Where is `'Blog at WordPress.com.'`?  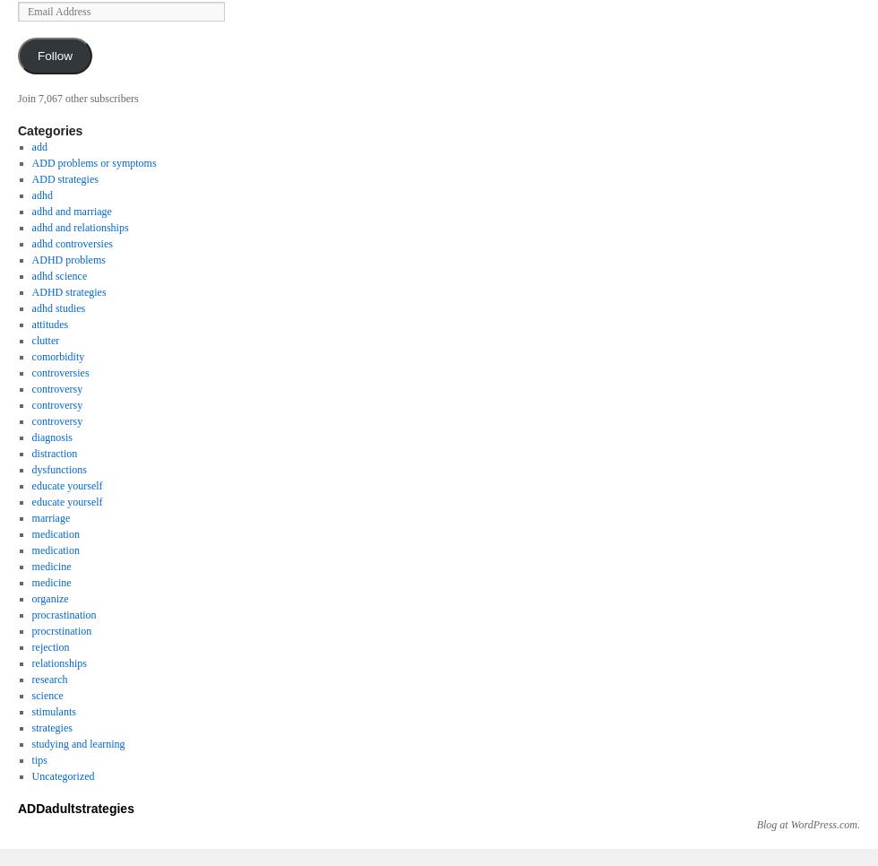 'Blog at WordPress.com.' is located at coordinates (755, 822).